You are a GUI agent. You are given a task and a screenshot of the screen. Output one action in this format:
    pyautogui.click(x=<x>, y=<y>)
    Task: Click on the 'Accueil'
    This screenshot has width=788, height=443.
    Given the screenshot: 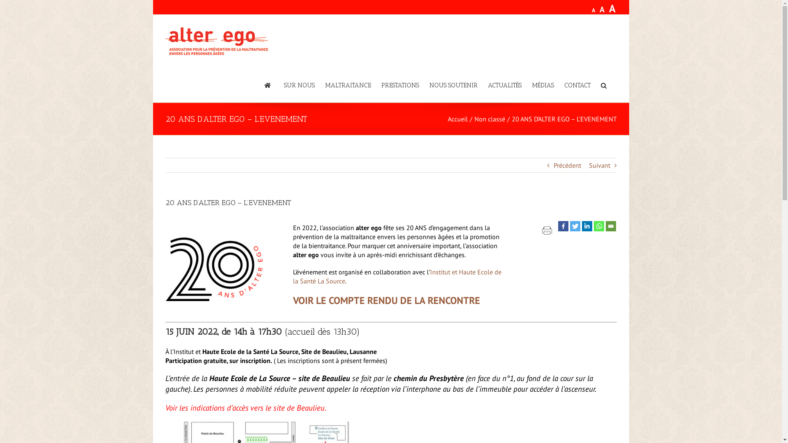 What is the action you would take?
    pyautogui.click(x=457, y=119)
    